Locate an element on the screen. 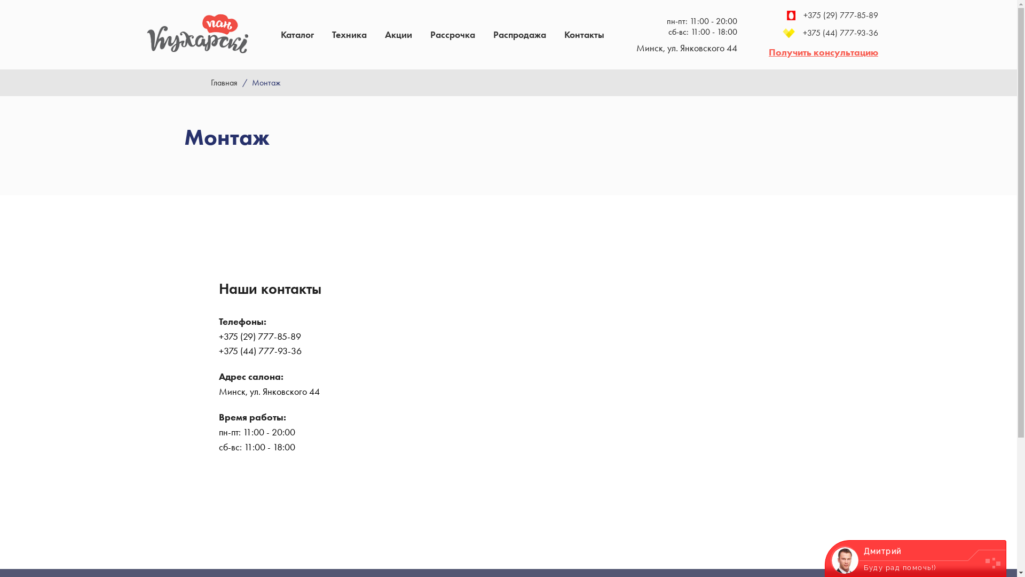  '+375 (44) 777-93-36' is located at coordinates (823, 32).